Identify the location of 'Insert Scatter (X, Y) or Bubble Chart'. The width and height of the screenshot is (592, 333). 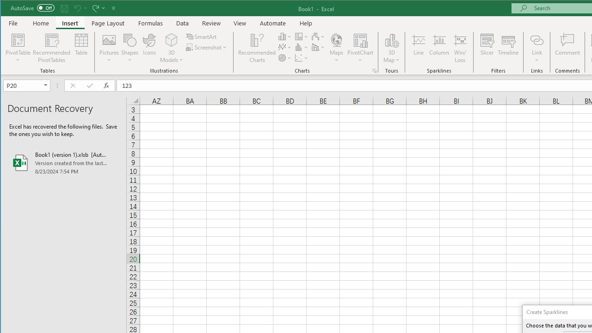
(302, 58).